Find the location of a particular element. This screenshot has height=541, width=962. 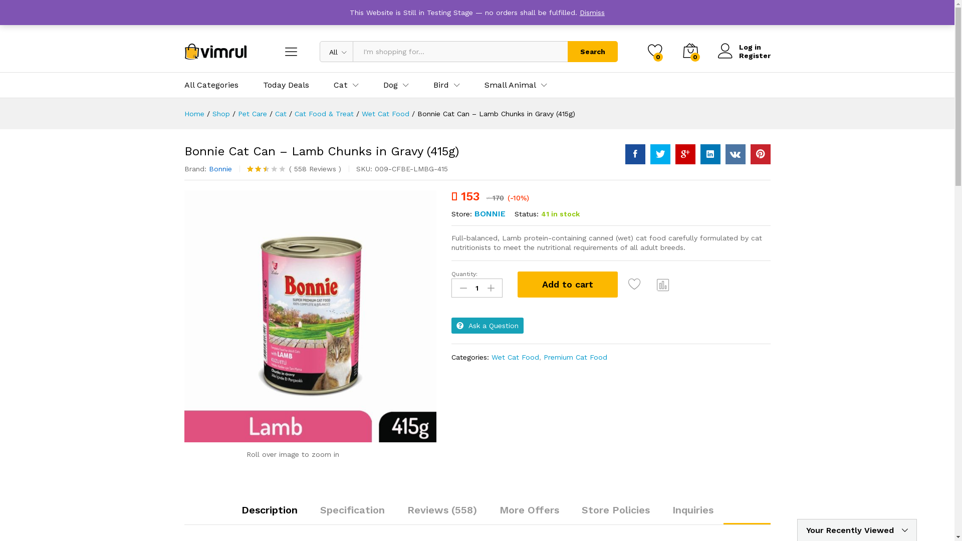

'Dog' is located at coordinates (389, 84).